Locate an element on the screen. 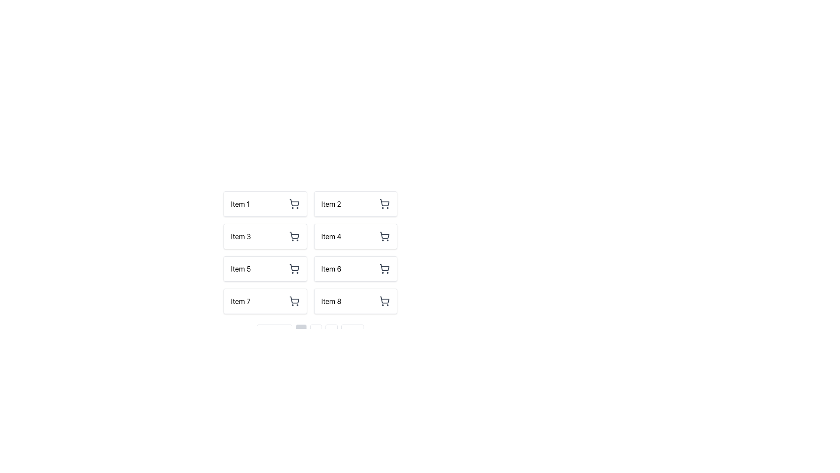 This screenshot has width=840, height=473. the rectangular button with smooth rounded corners, labeled '2', located in the bottom-center pagination control is located at coordinates (315, 334).